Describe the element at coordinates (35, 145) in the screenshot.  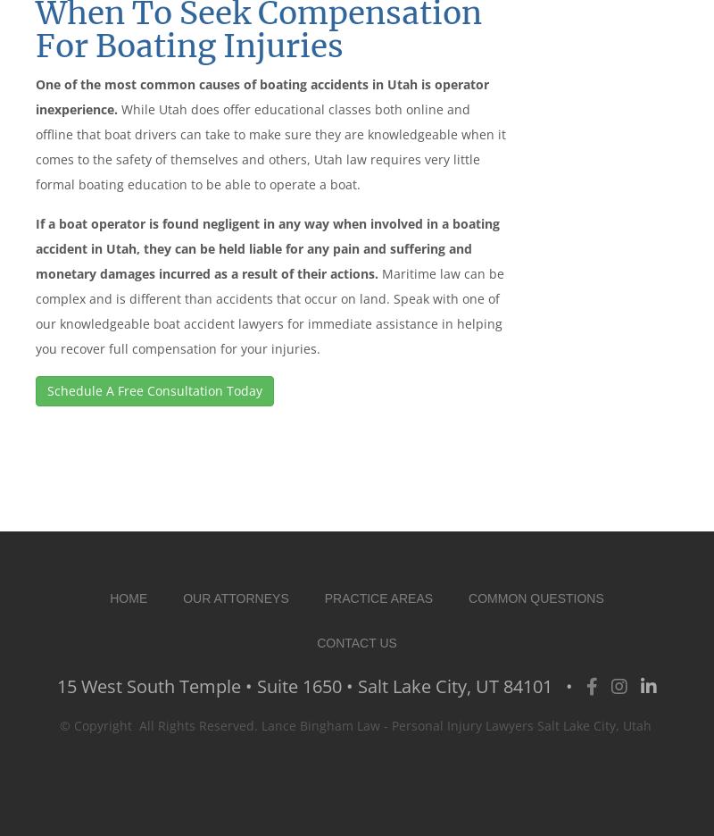
I see `'While Utah does offer educational classes both online and offline that boat drivers can take to make sure they are knowledgeable when it comes to the safety of themselves and others, Utah law requires very little formal boating education to be able to operate a boat.'` at that location.